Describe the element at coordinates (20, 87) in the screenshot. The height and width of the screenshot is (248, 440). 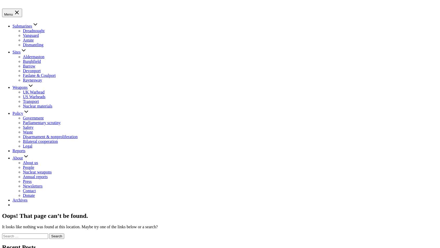
I see `'Weapons'` at that location.